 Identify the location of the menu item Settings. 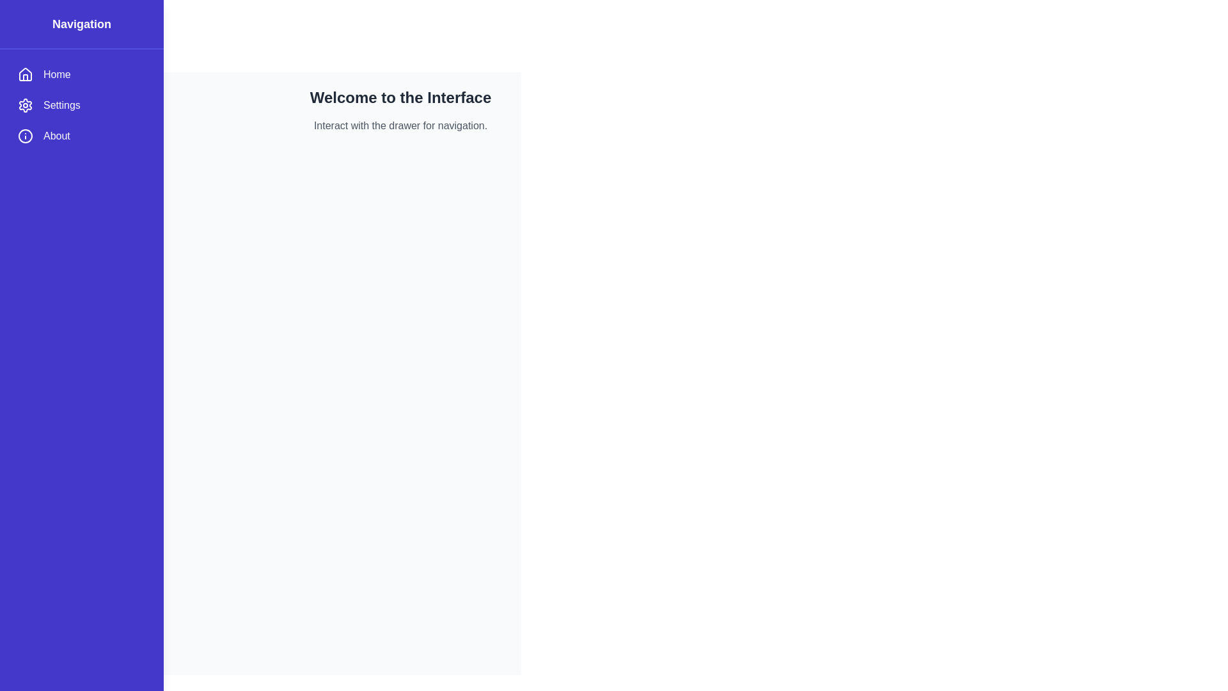
(81, 105).